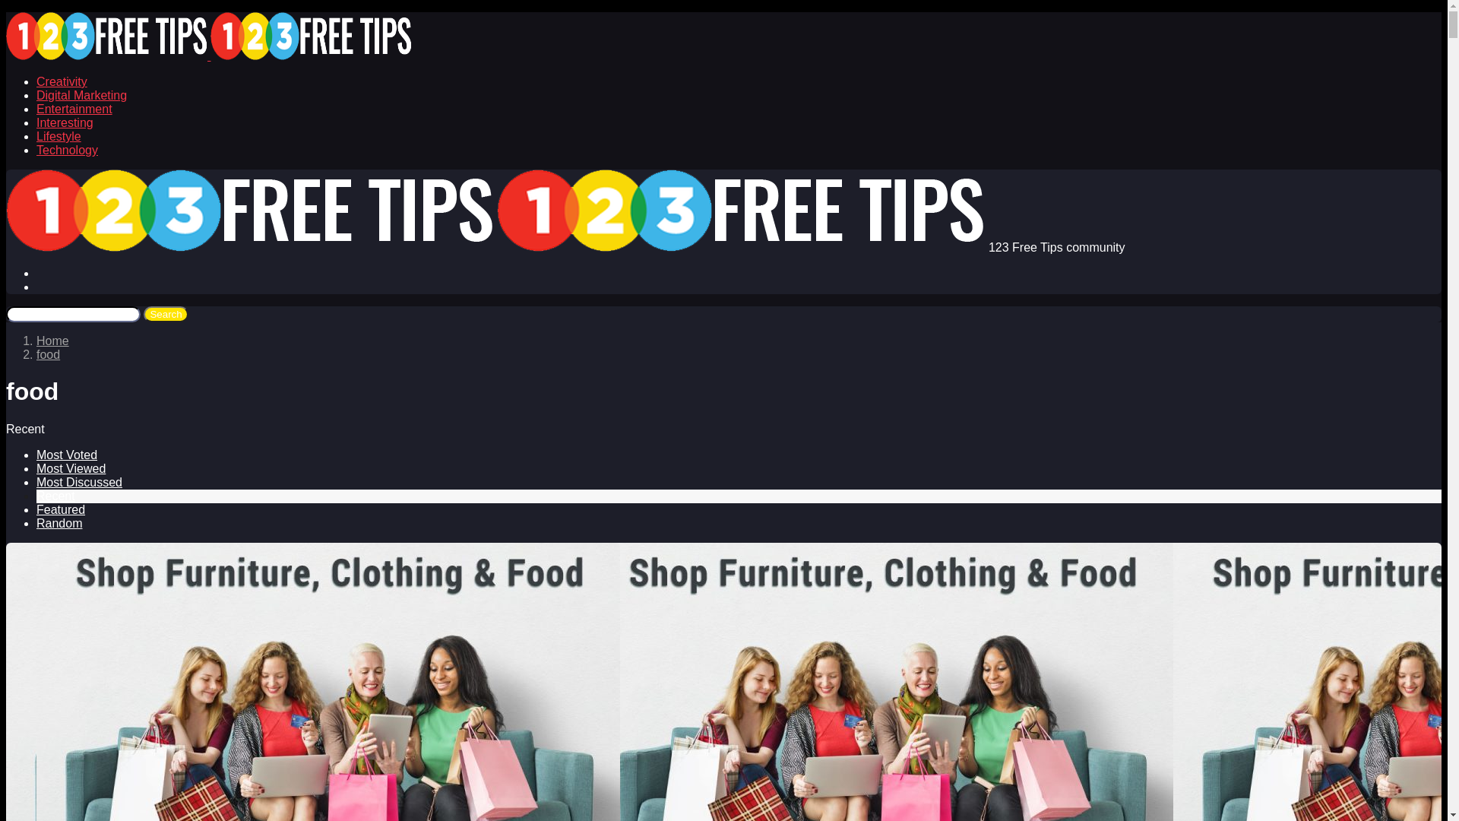  I want to click on 'Random', so click(59, 522).